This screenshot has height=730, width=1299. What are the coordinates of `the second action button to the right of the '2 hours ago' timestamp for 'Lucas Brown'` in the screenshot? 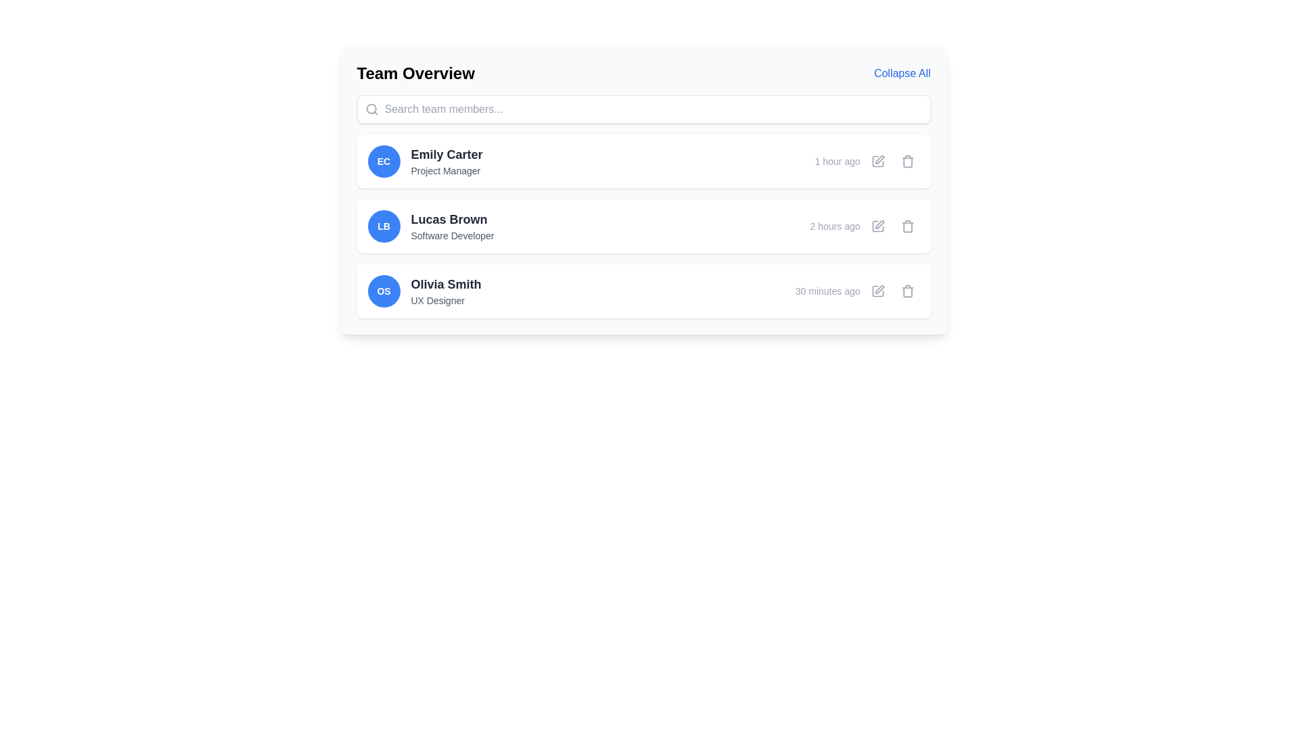 It's located at (878, 226).